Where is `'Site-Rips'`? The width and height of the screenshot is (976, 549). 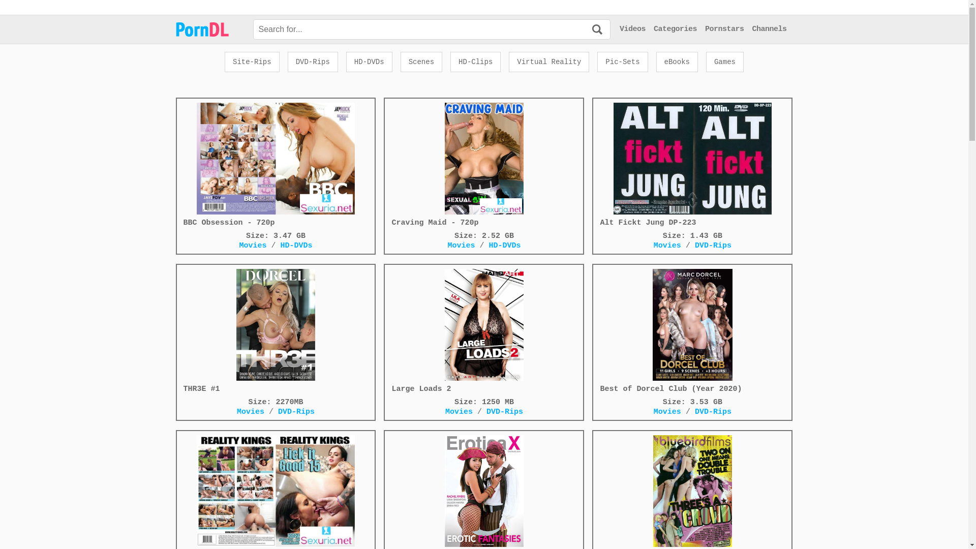 'Site-Rips' is located at coordinates (252, 62).